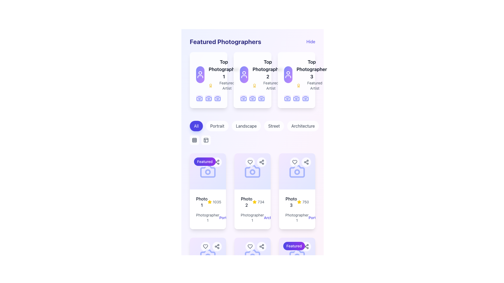 The image size is (504, 283). What do you see at coordinates (254, 85) in the screenshot?
I see `the award icon indicating that 'Top Photographer 2' has received special recognition, located to the left of the 'Featured Artist' text in the 'Featured Photographers' section` at bounding box center [254, 85].